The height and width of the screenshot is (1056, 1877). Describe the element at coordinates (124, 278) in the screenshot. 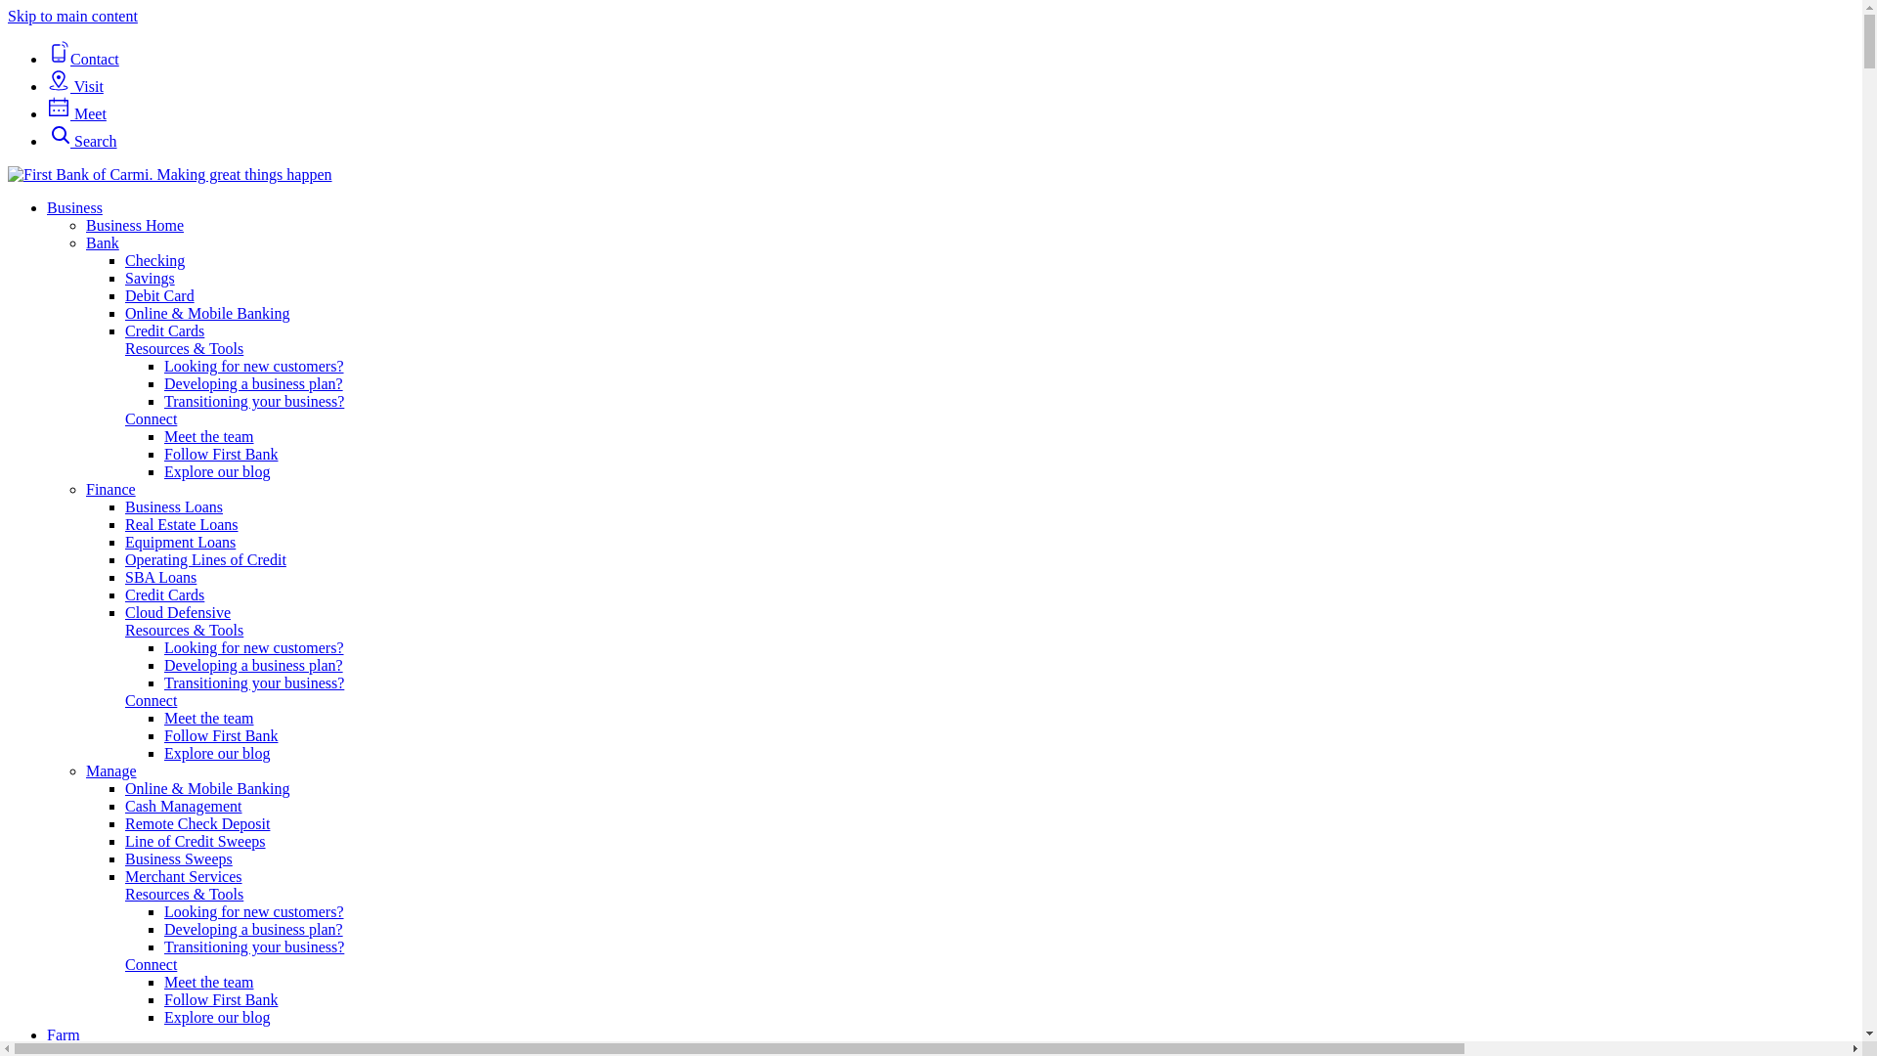

I see `'Savings'` at that location.